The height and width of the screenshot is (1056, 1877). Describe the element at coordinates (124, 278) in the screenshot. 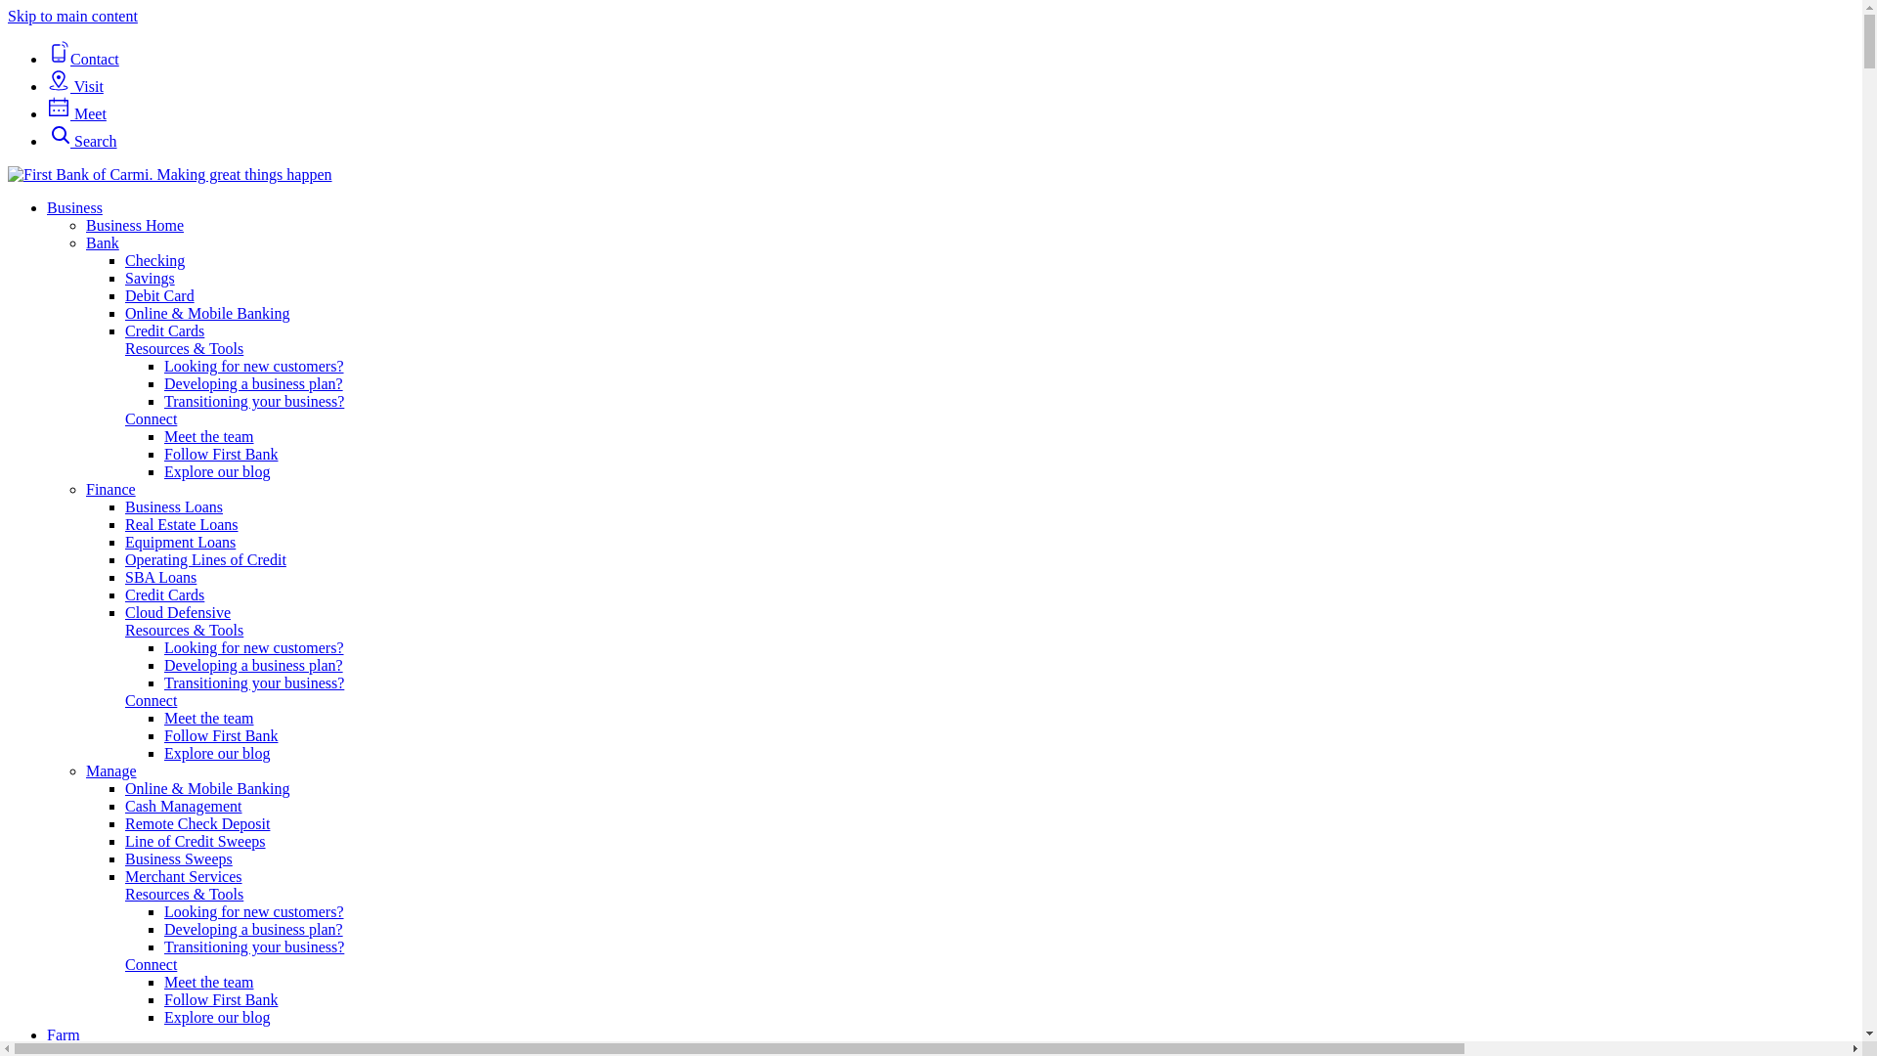

I see `'Savings'` at that location.